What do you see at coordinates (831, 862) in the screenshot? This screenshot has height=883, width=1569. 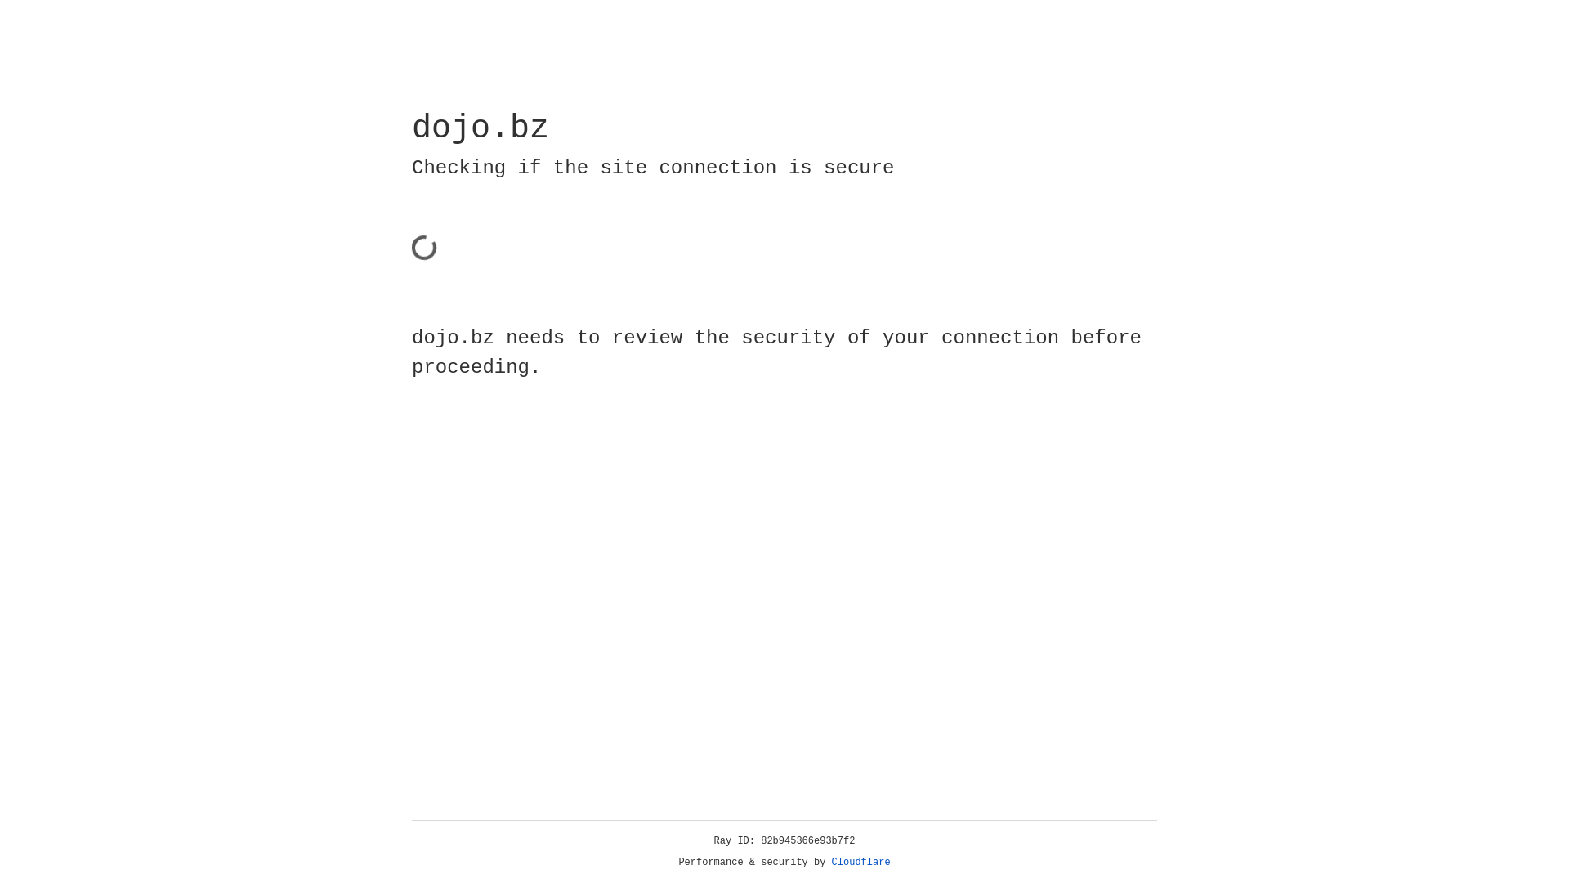 I see `'Cloudflare'` at bounding box center [831, 862].